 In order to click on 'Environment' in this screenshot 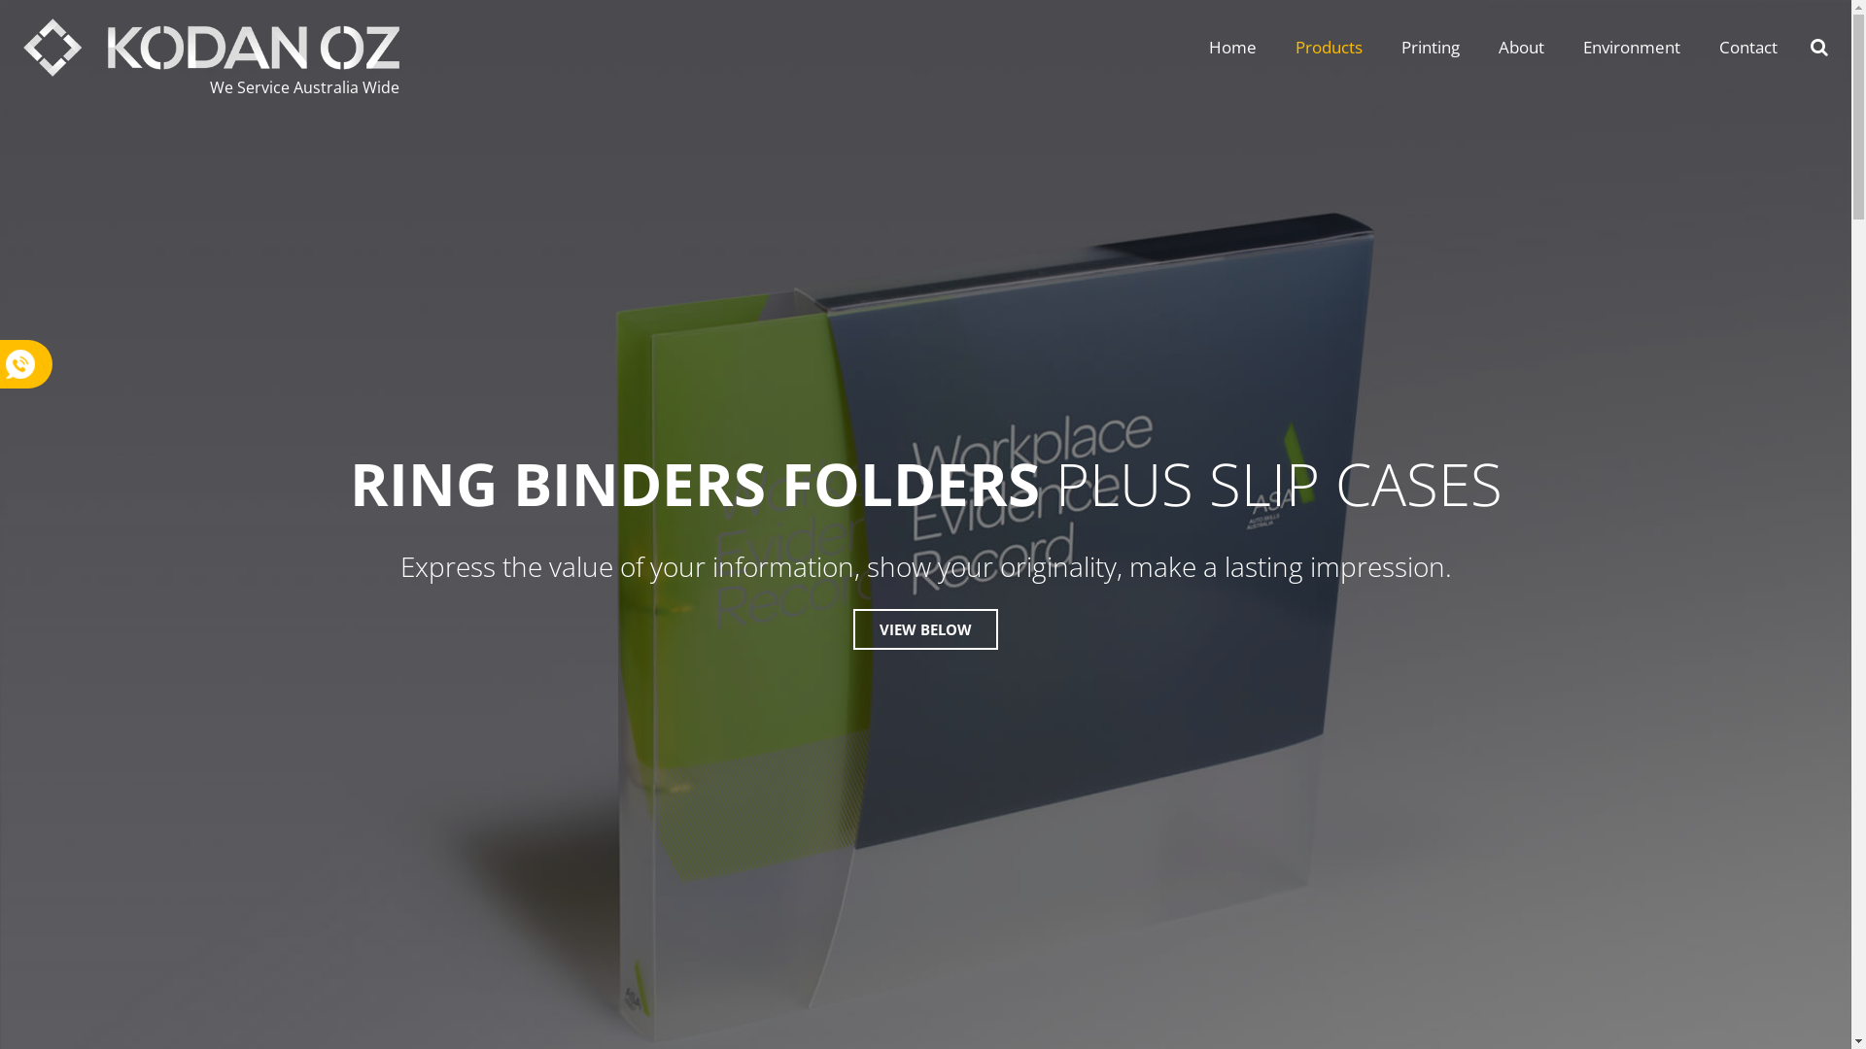, I will do `click(1632, 47)`.